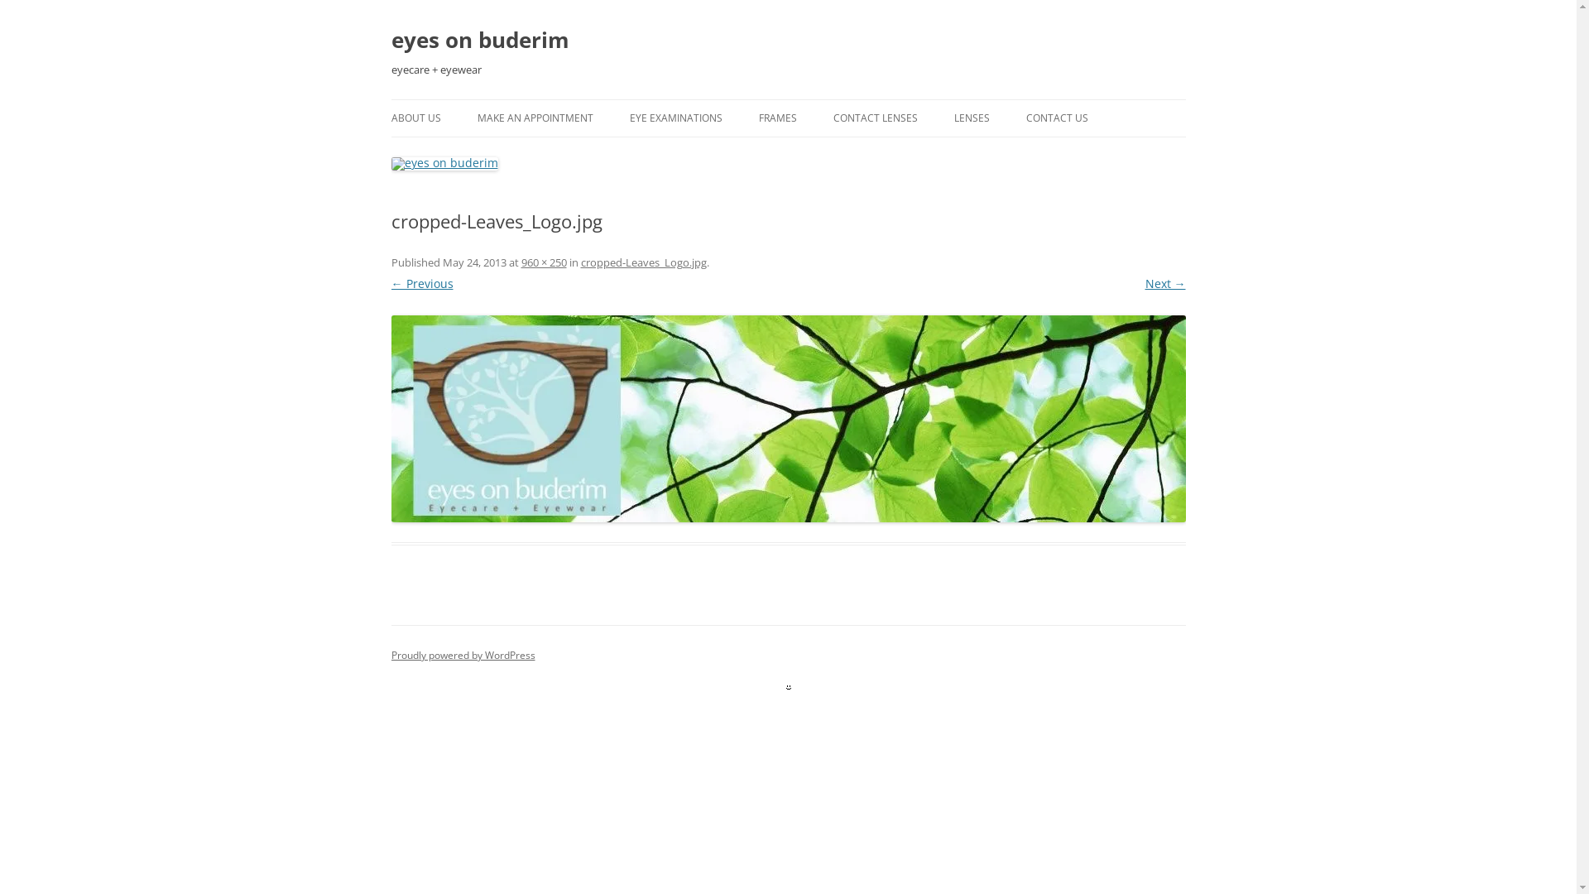 This screenshot has width=1589, height=894. Describe the element at coordinates (415, 117) in the screenshot. I see `'ABOUT US'` at that location.